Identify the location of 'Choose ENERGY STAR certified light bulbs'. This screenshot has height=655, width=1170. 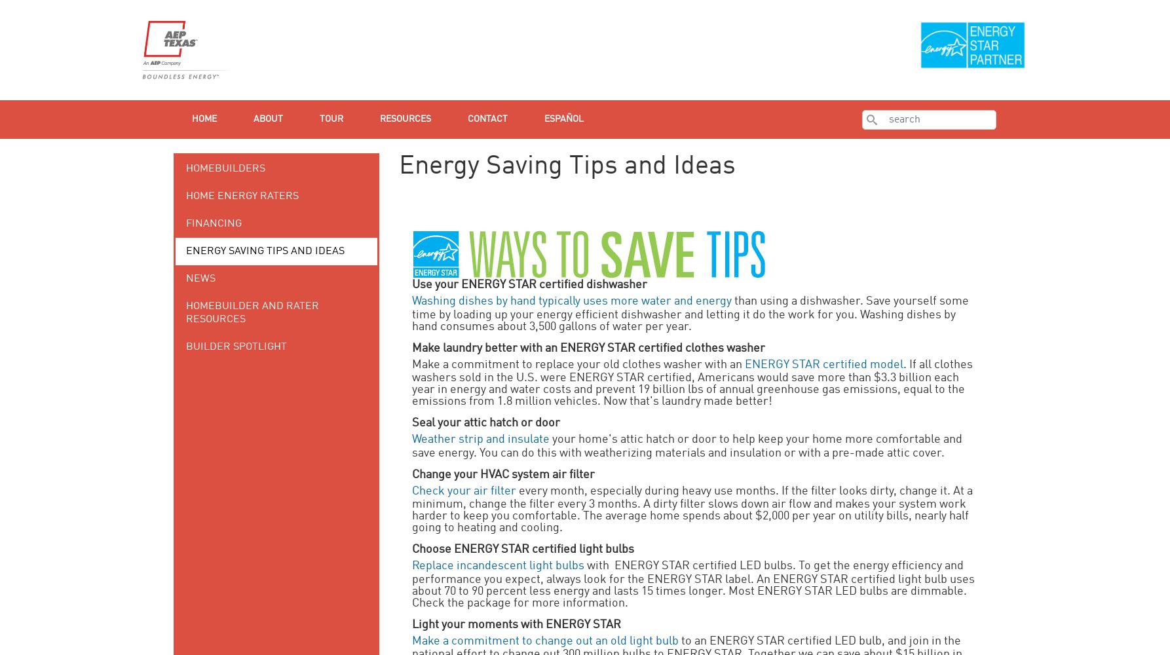
(522, 549).